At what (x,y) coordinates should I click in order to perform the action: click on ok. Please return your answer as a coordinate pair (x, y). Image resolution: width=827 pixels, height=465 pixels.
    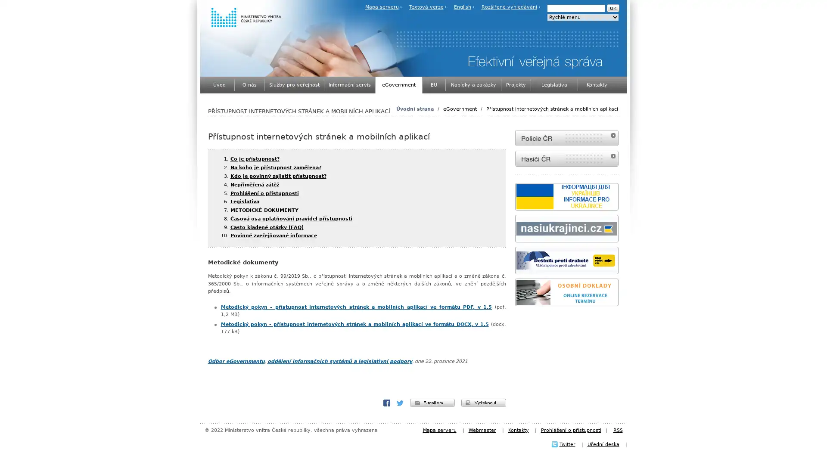
    Looking at the image, I should click on (612, 8).